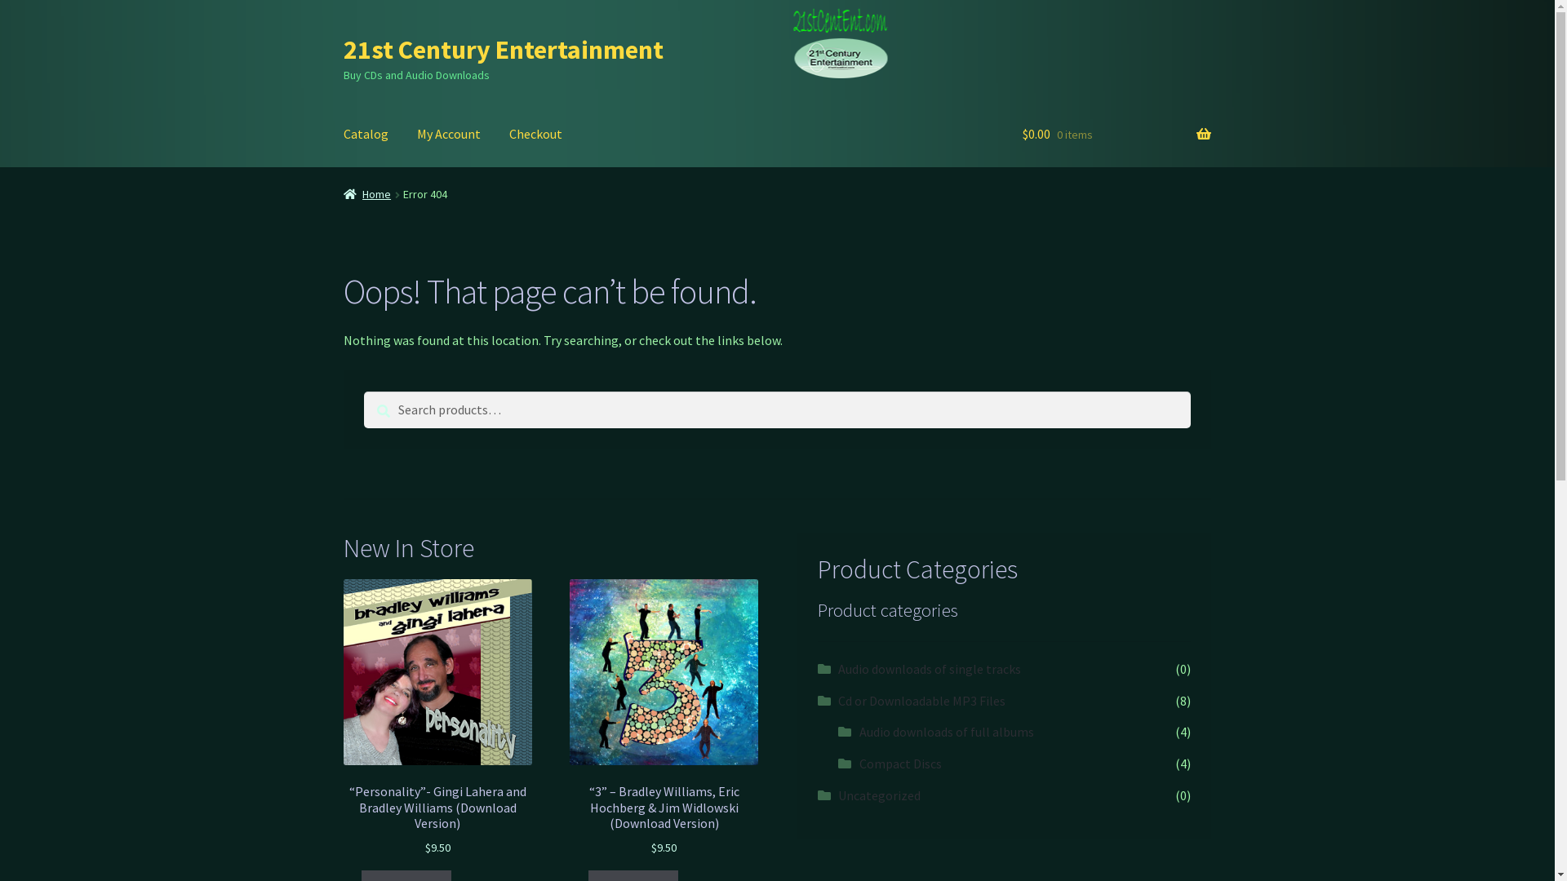 The width and height of the screenshot is (1567, 881). Describe the element at coordinates (365, 134) in the screenshot. I see `'Catalog'` at that location.